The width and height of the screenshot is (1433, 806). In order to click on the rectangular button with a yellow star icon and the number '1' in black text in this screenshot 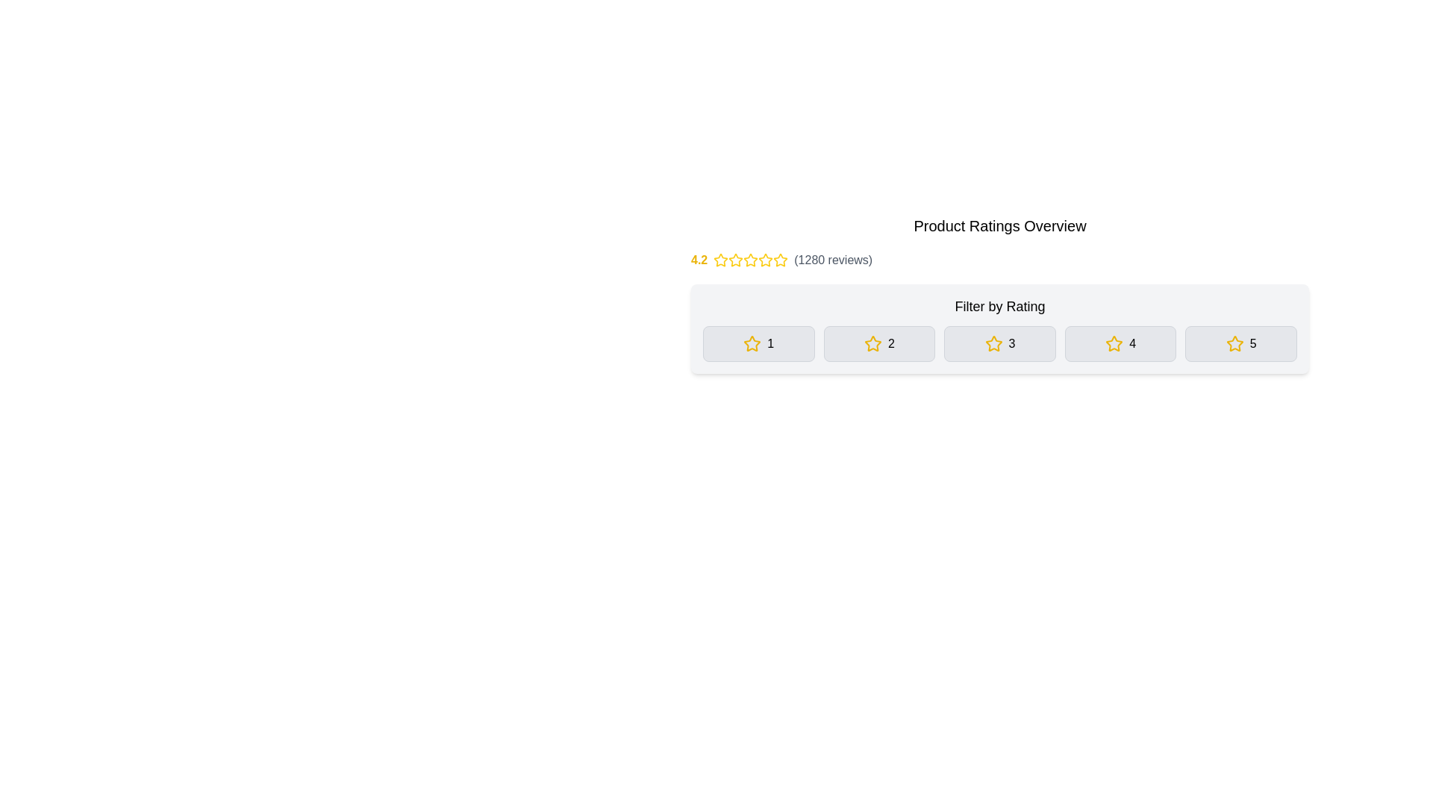, I will do `click(758, 344)`.